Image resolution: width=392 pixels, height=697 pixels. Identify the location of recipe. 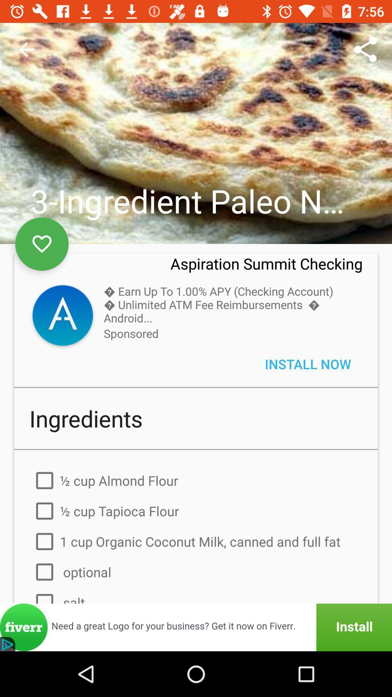
(42, 244).